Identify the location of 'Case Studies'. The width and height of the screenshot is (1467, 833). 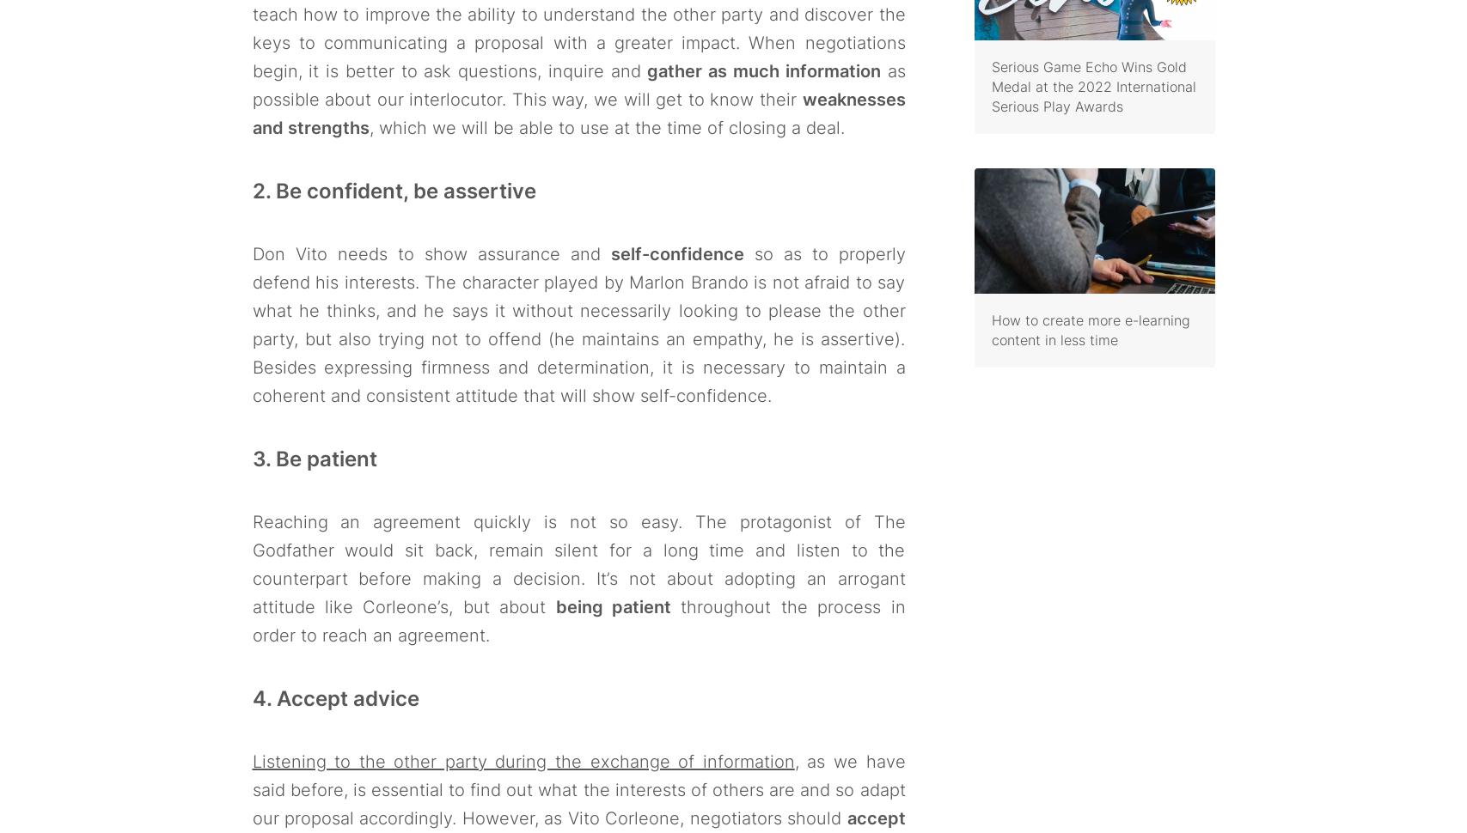
(304, 624).